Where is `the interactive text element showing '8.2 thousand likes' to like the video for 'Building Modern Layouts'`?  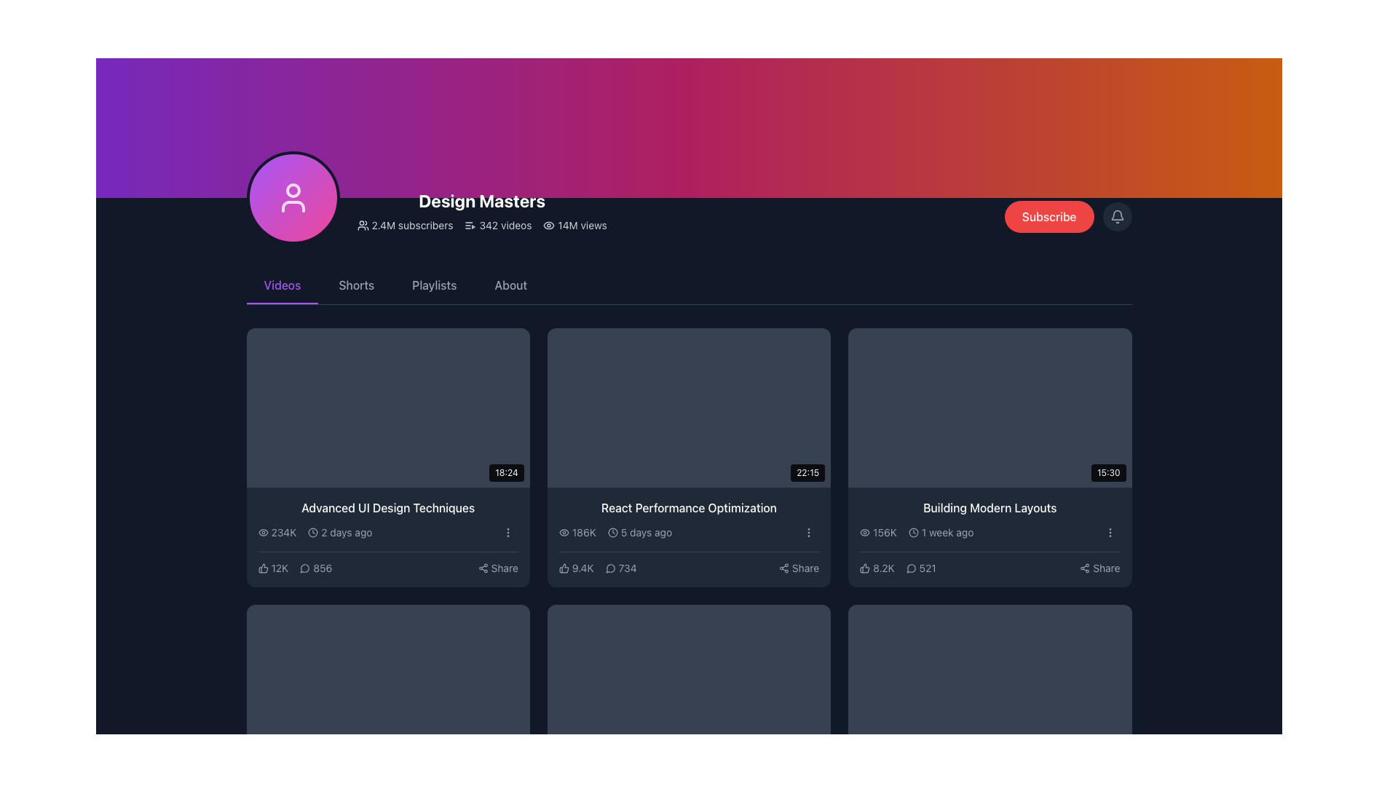 the interactive text element showing '8.2 thousand likes' to like the video for 'Building Modern Layouts' is located at coordinates (876, 567).